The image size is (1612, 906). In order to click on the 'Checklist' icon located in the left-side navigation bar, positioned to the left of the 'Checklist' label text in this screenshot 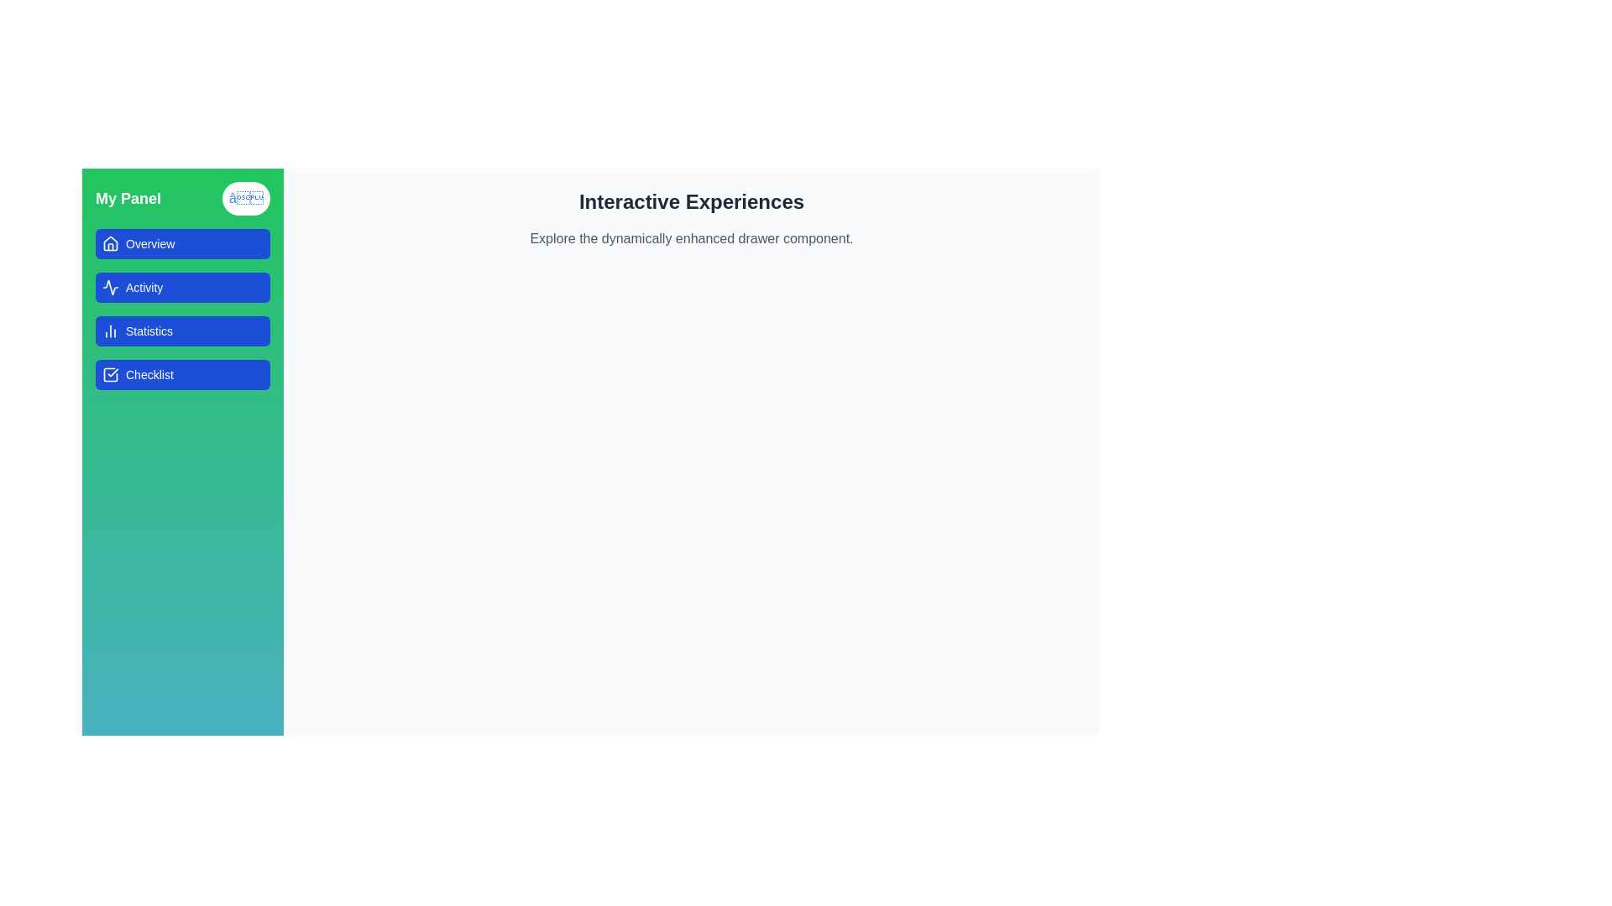, I will do `click(110, 374)`.